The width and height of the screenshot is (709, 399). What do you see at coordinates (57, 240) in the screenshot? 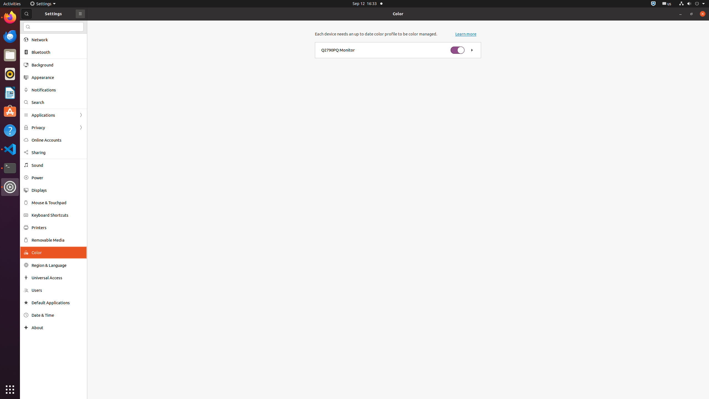
I see `'Removable Media'` at bounding box center [57, 240].